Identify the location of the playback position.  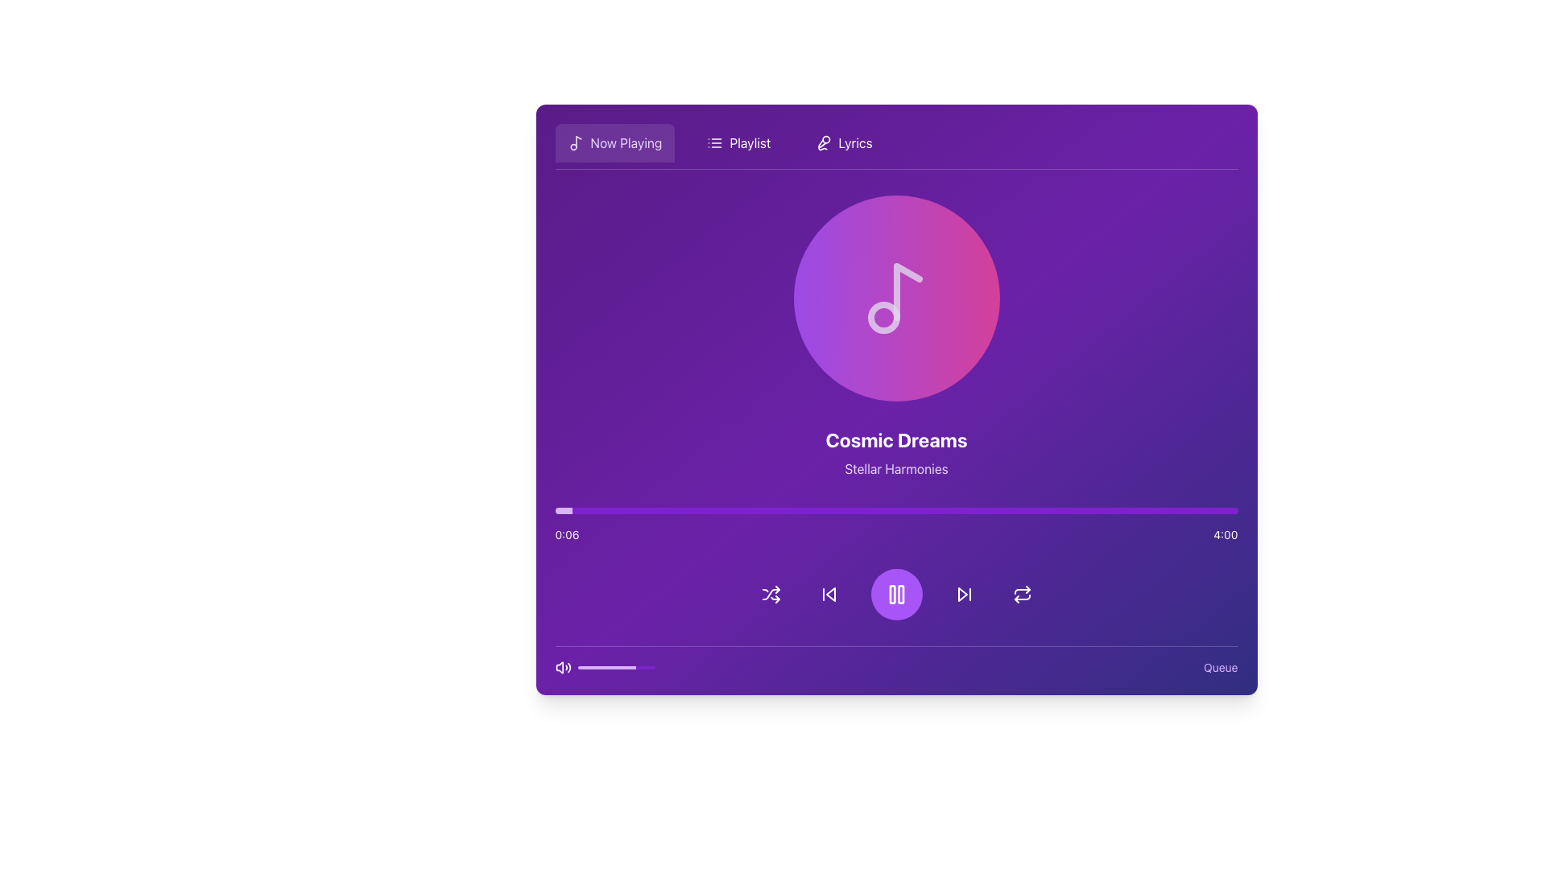
(1223, 511).